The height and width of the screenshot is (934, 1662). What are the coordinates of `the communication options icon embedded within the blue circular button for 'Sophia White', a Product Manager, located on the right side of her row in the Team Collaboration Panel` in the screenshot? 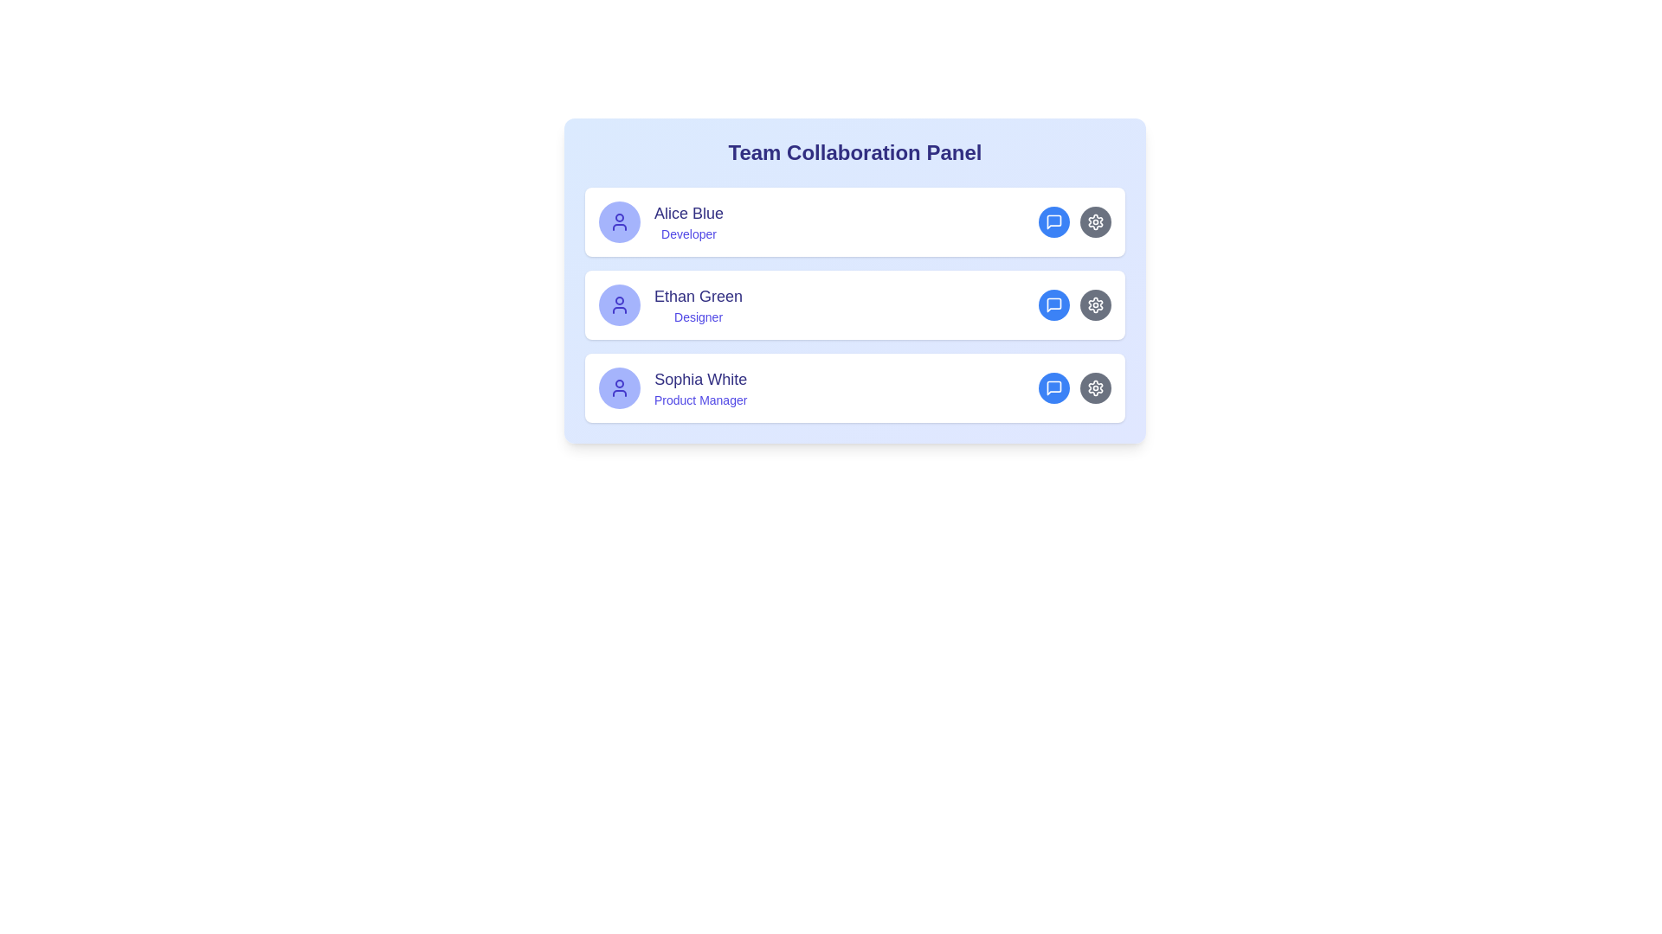 It's located at (1053, 387).